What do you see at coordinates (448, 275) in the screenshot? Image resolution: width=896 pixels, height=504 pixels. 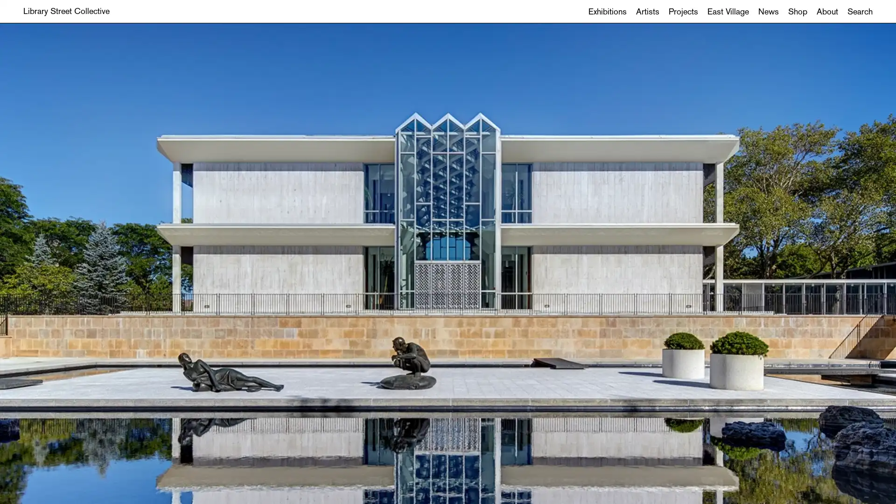 I see `Search` at bounding box center [448, 275].